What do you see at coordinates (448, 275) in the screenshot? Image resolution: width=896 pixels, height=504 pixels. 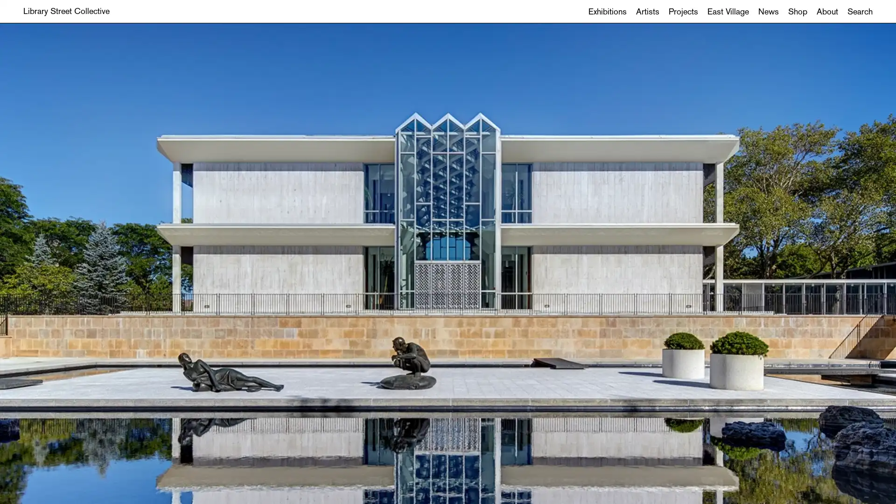 I see `Search` at bounding box center [448, 275].